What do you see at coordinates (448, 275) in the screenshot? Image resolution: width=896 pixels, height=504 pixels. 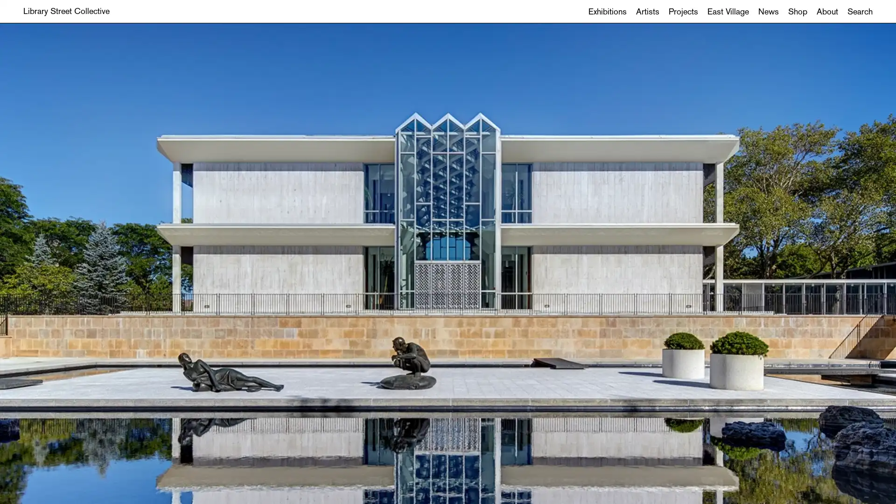 I see `Search` at bounding box center [448, 275].